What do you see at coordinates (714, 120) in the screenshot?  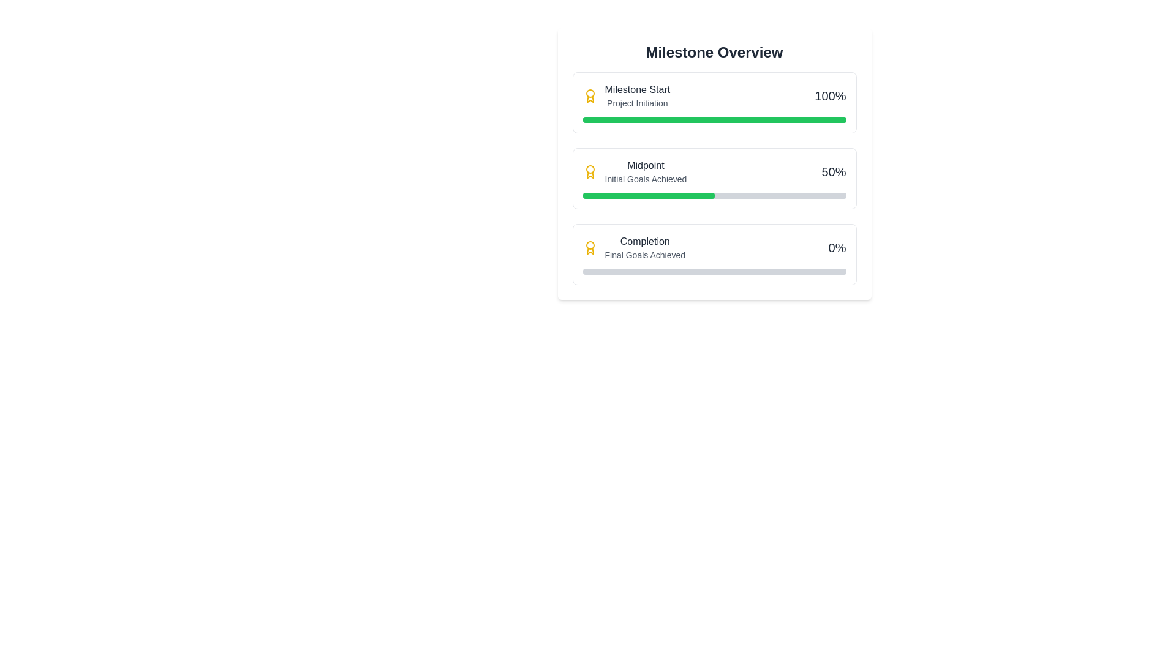 I see `the progress visually by focusing on the green fill of the progress bar indicating 100% completion in the first milestone card of the progress overview widget` at bounding box center [714, 120].